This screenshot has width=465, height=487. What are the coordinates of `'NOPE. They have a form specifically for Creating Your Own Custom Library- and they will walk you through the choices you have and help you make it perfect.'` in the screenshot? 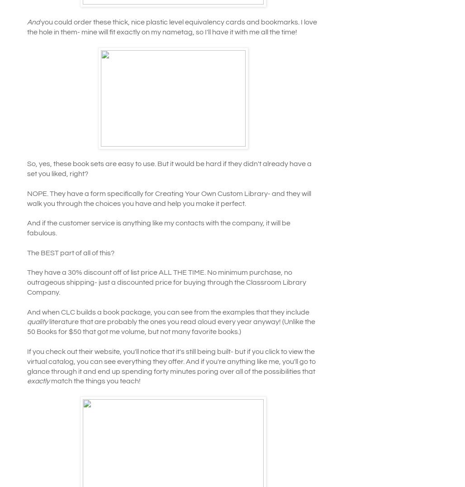 It's located at (27, 198).